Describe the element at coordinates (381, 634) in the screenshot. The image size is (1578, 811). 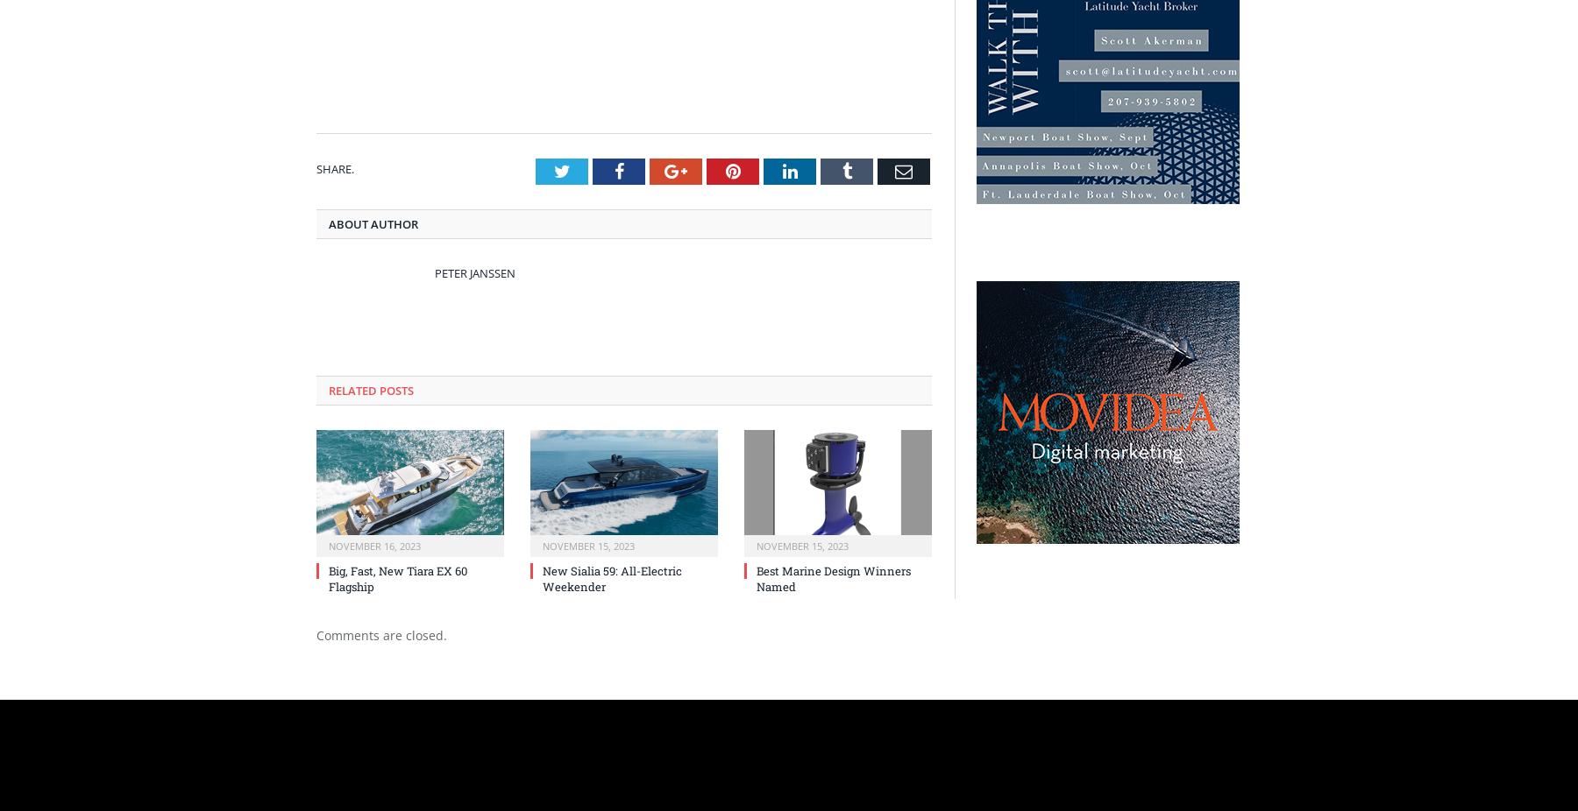
I see `'Comments are closed.'` at that location.